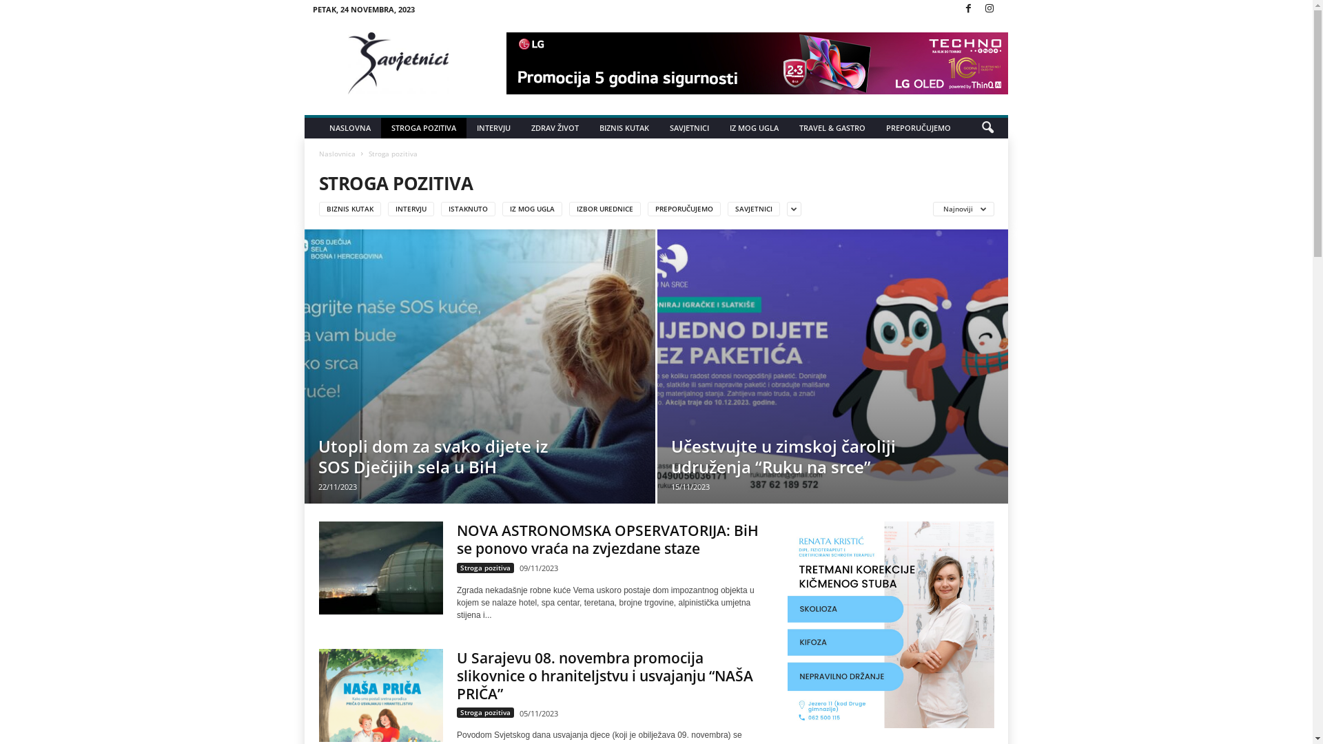 This screenshot has height=744, width=1323. I want to click on 'SAVJETNICI', so click(689, 127).